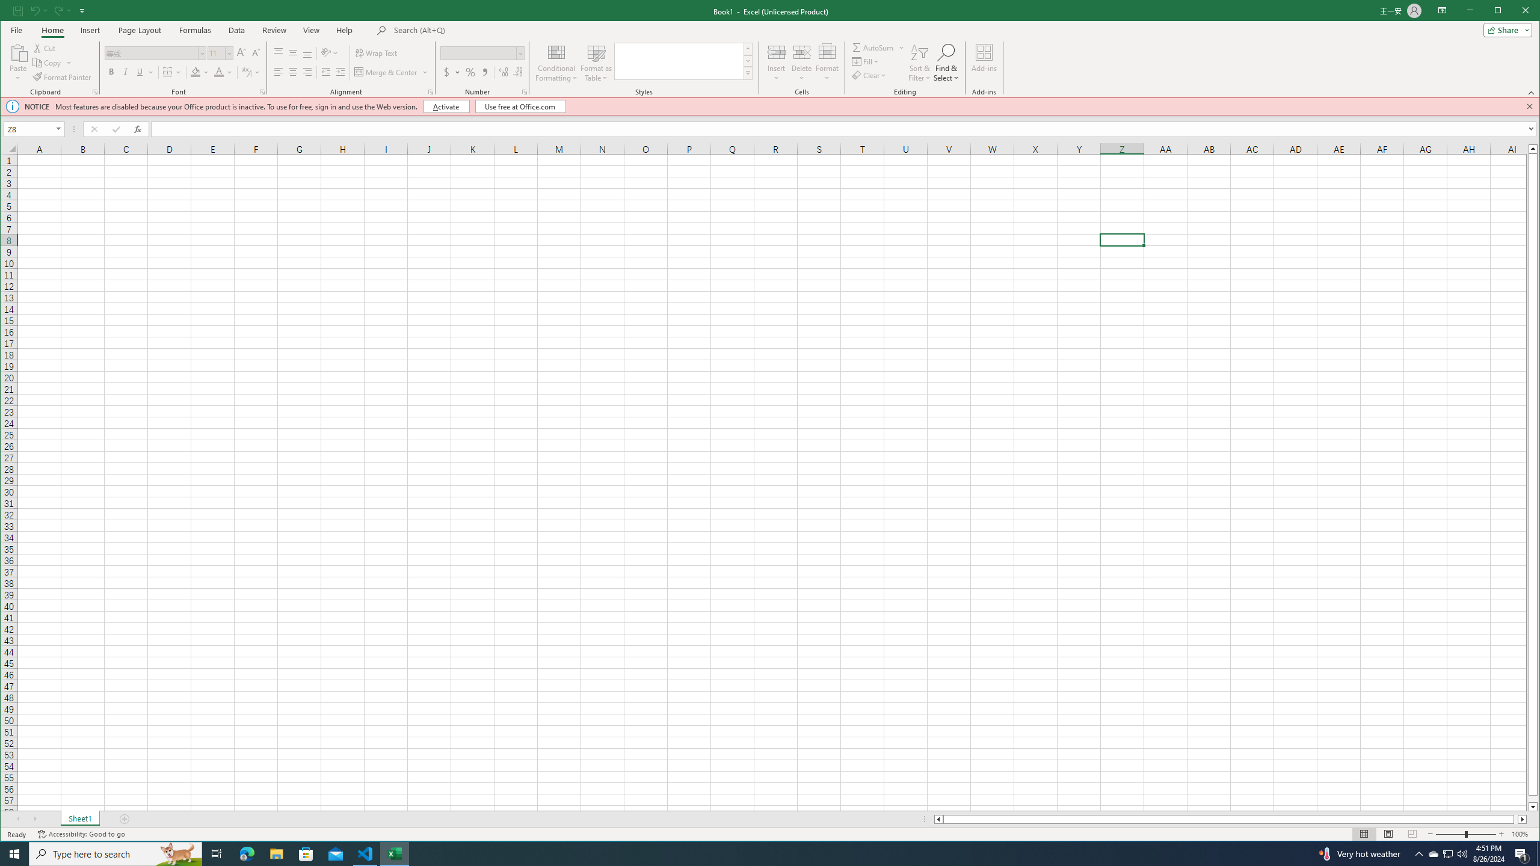 This screenshot has height=866, width=1540. I want to click on 'Underline', so click(140, 72).